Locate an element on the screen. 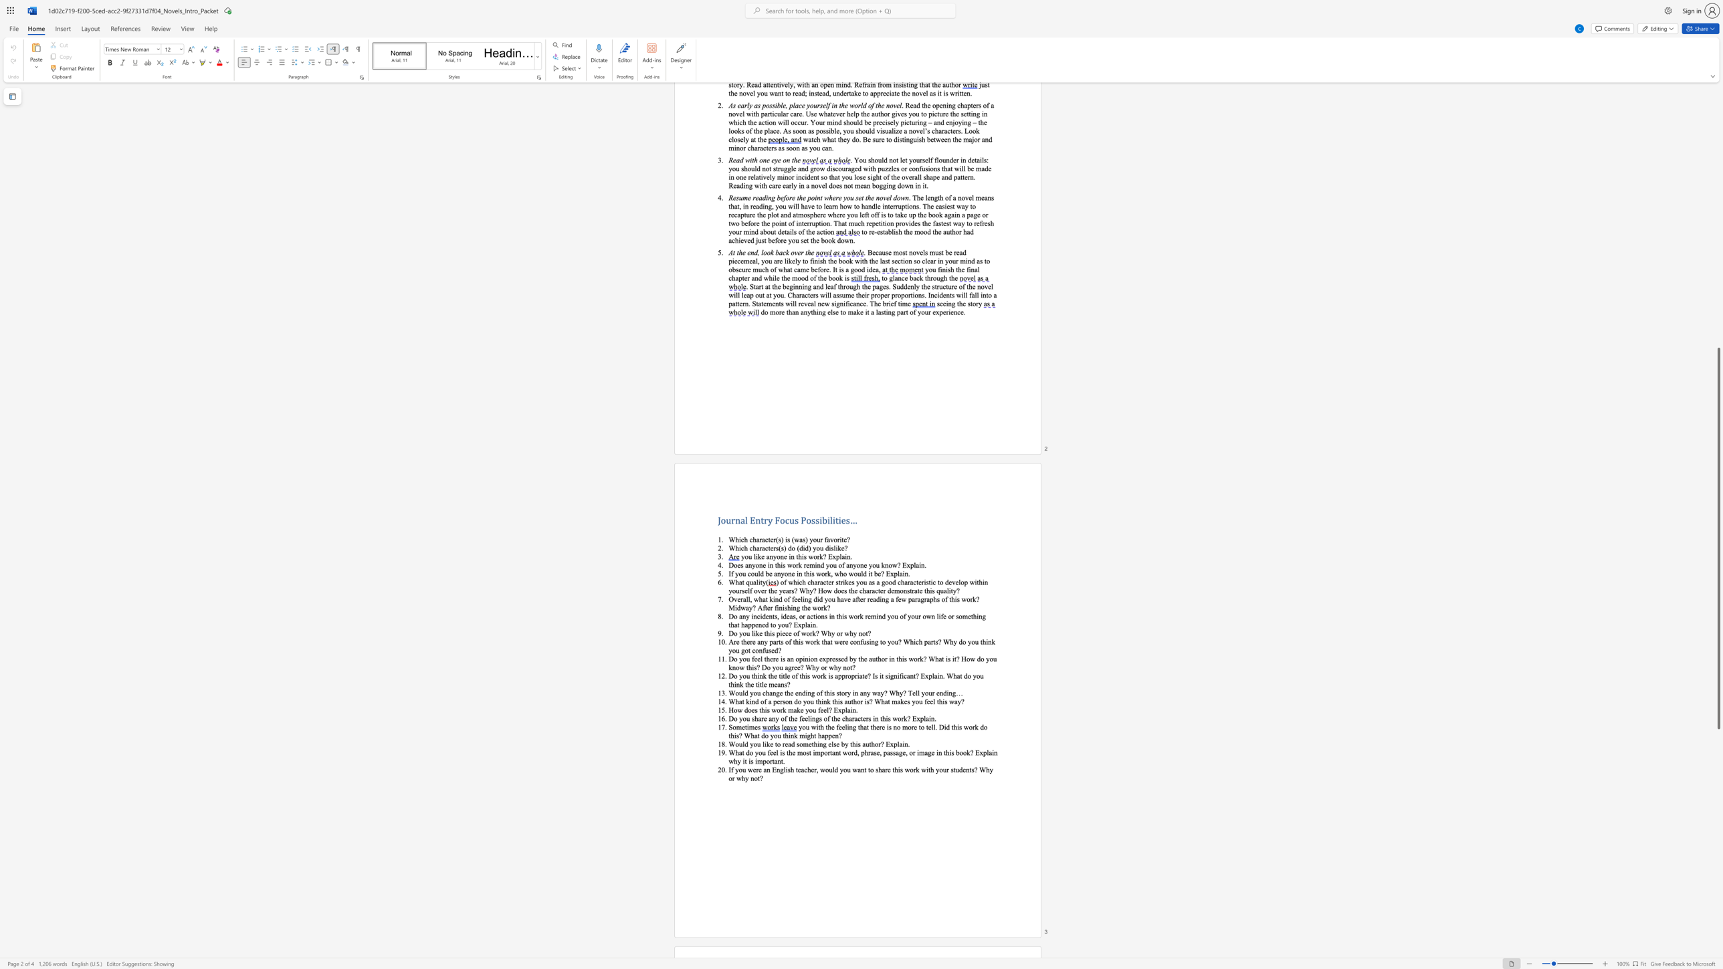 This screenshot has width=1723, height=969. the subset text "ne in this work? Expl" within the text "you like anyone in this work? Explain." is located at coordinates (779, 555).